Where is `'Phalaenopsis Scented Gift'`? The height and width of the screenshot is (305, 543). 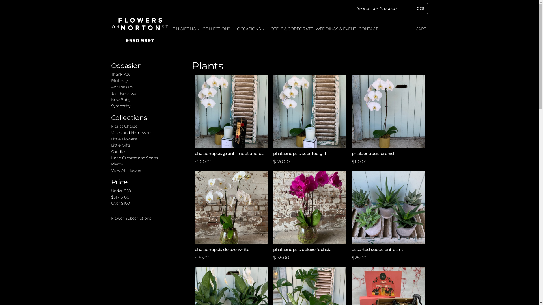
'Phalaenopsis Scented Gift' is located at coordinates (273, 111).